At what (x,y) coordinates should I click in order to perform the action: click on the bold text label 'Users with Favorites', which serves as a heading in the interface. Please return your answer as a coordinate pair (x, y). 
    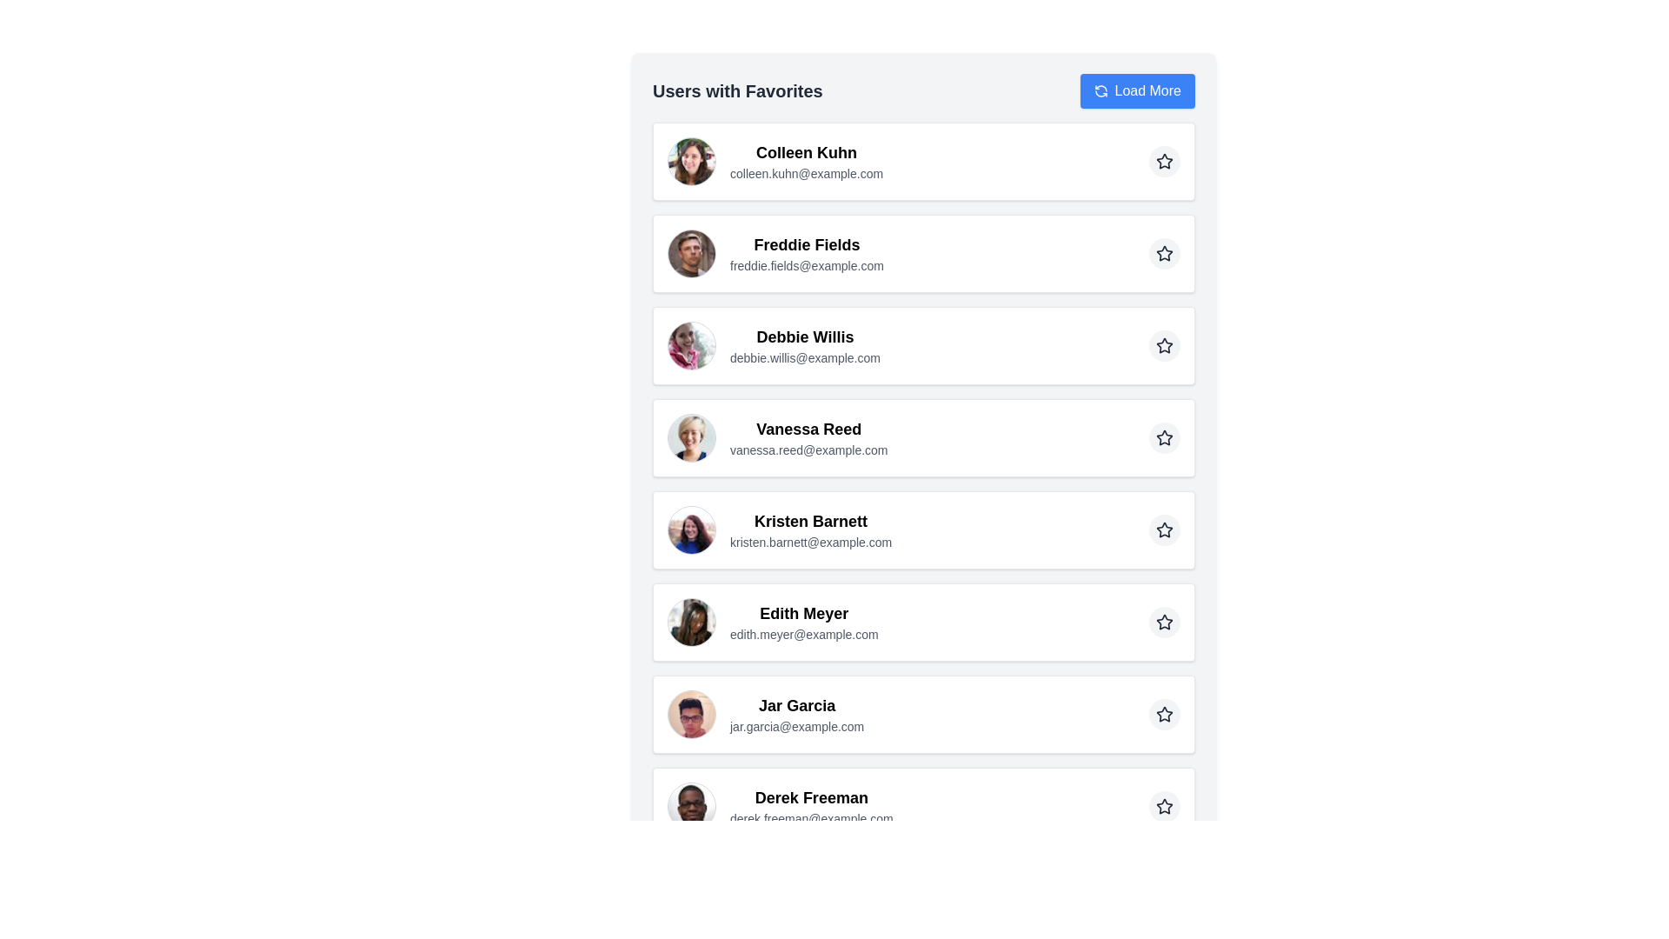
    Looking at the image, I should click on (737, 90).